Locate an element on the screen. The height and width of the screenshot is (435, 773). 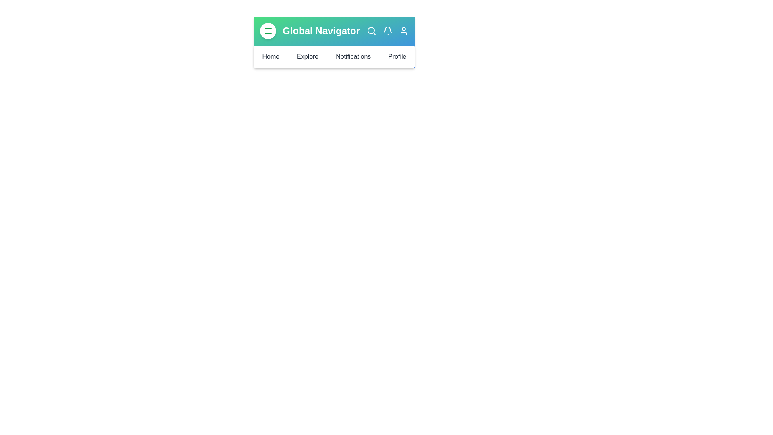
the navigation menu item Profile to navigate to the corresponding section is located at coordinates (397, 56).